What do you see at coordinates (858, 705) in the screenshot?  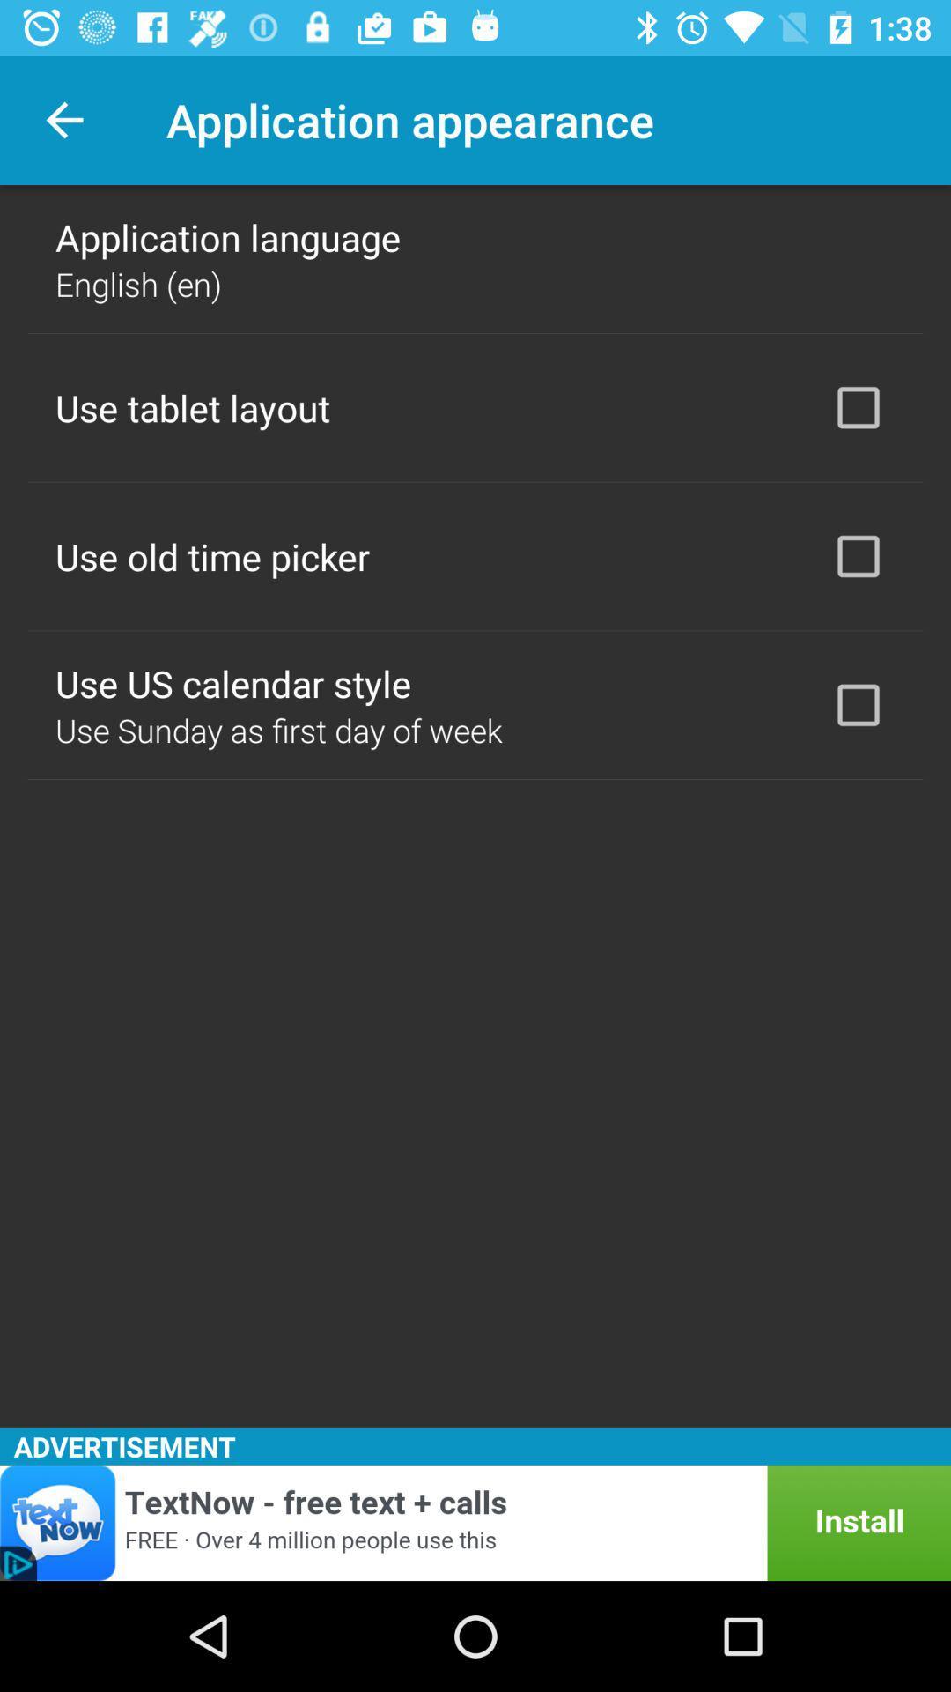 I see `check box for us calendar style` at bounding box center [858, 705].